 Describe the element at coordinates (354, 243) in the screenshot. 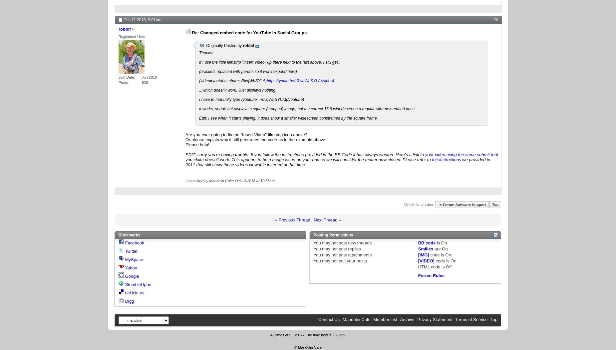

I see `'post new threads'` at that location.